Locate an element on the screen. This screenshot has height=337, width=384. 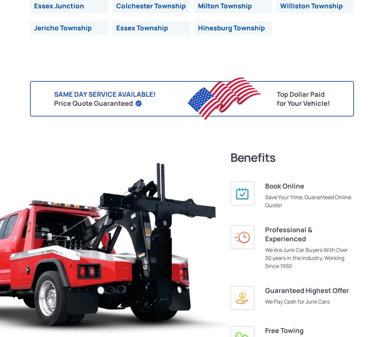
'Milton Township' is located at coordinates (224, 5).